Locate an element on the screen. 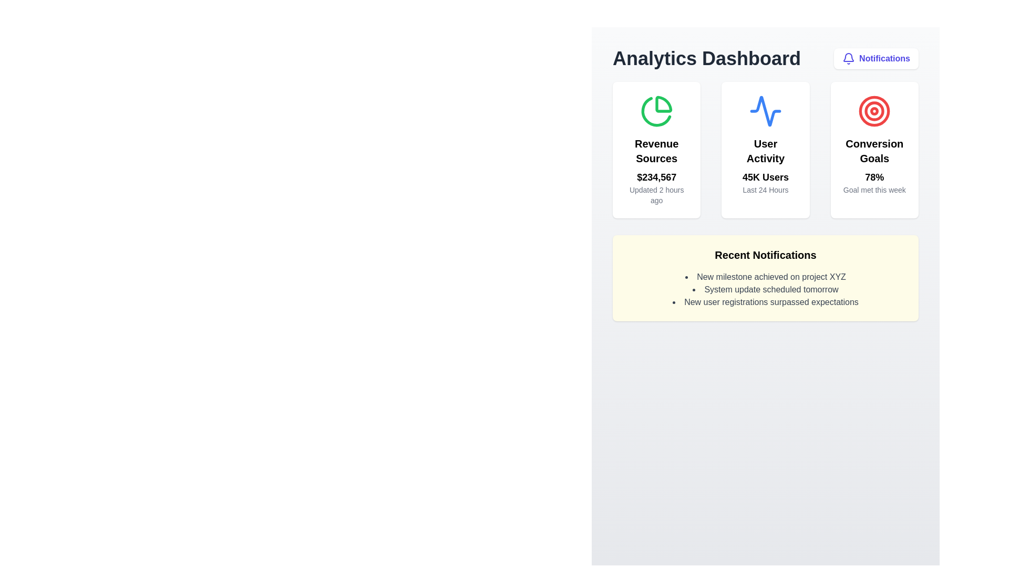  the green pie chart icon that indicates a summary or statistical representation, located in the top-left corner of the 'Revenue Sources' card is located at coordinates (655, 112).